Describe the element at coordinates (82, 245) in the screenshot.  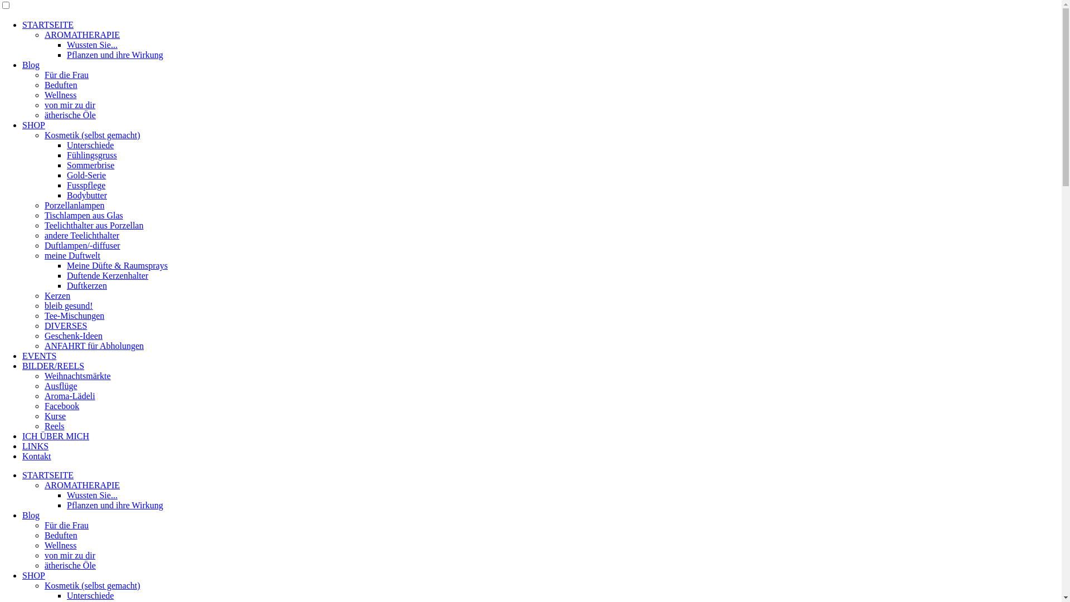
I see `'Duftlampen/-diffuser'` at that location.